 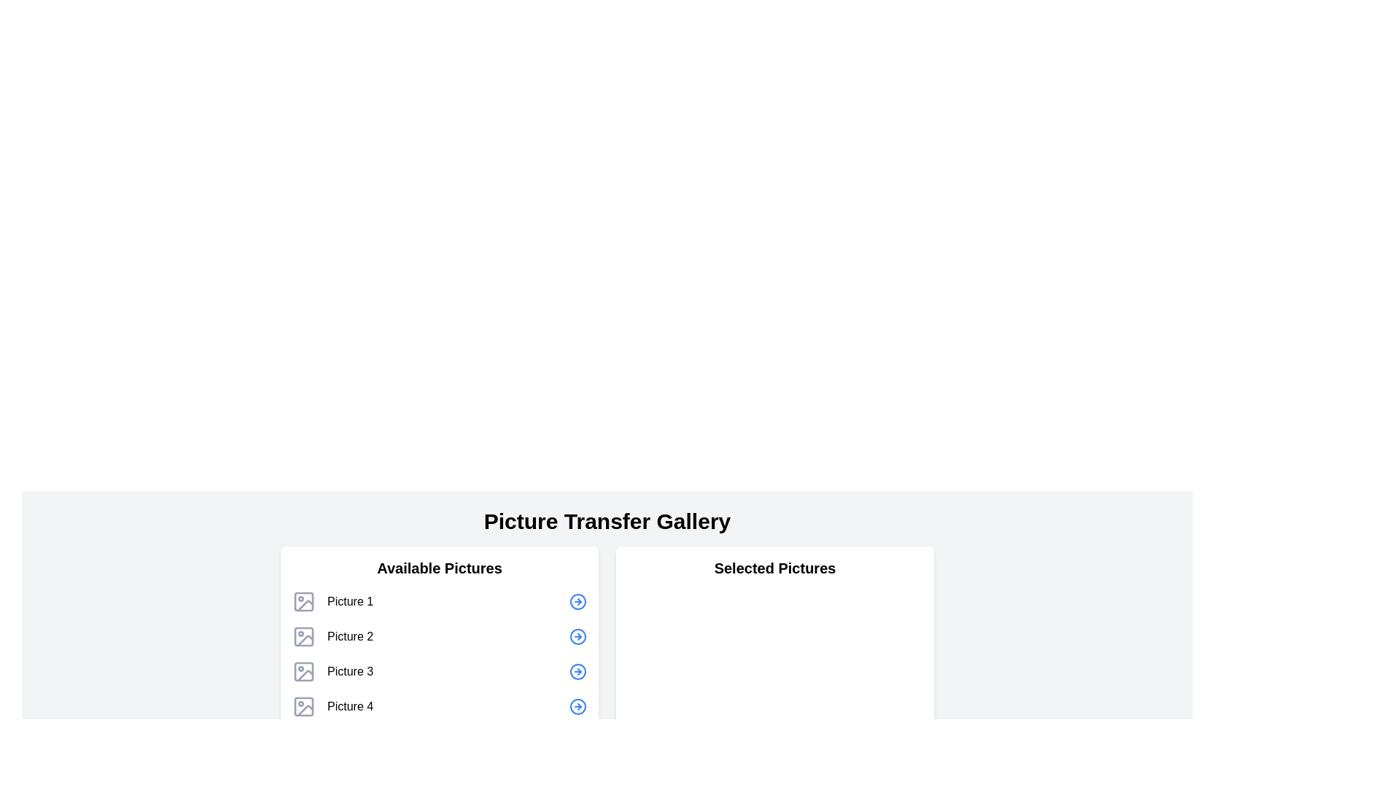 I want to click on the static label that reads 'Picture 2' in the left panel of the 'Picture Transfer Gallery' interface, so click(x=350, y=636).